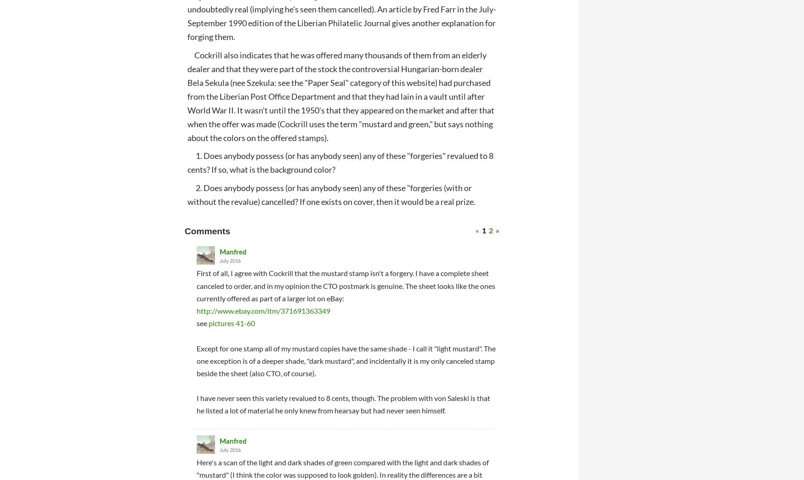 Image resolution: width=804 pixels, height=480 pixels. What do you see at coordinates (345, 360) in the screenshot?
I see `'Except for one stamp all of my mustard copies have the same shade - I call it "light mustard". The one exception is of a deeper shade, "dark mustard", and incidentally it is my only canceled stamp beside the sheet (also CTO, of course).'` at bounding box center [345, 360].